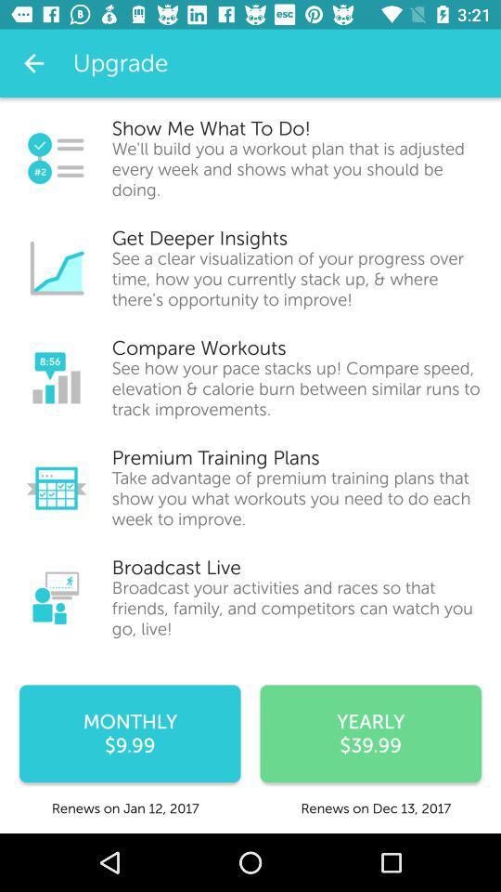 The width and height of the screenshot is (501, 892). Describe the element at coordinates (129, 733) in the screenshot. I see `the item next to the yearly` at that location.